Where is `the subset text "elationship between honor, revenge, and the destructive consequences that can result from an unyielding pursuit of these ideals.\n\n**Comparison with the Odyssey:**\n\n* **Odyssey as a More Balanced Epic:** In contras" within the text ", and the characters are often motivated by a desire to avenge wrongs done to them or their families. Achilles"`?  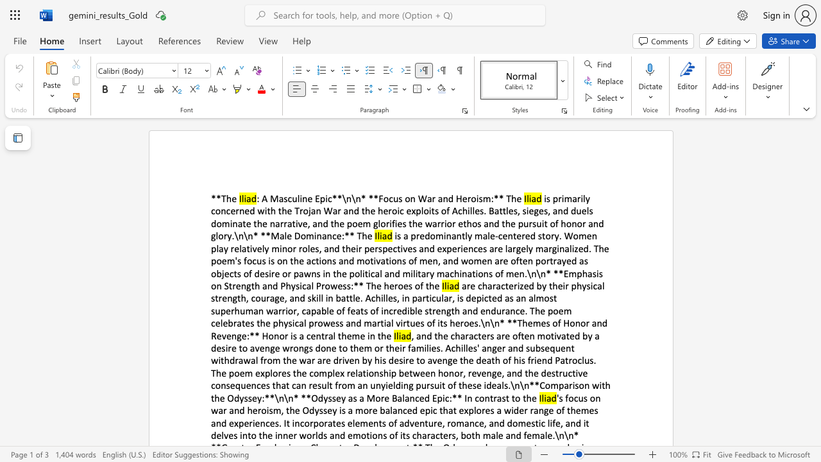
the subset text "elationship between honor, revenge, and the destructive consequences that can result from an unyielding pursuit of these ideals.\n\n**Comparison with the Odyssey:**\n\n* **Odyssey as a More Balanced Epic:** In contras" within the text ", and the characters are often motivated by a desire to avenge wrongs done to them or their families. Achilles" is located at coordinates (350, 373).